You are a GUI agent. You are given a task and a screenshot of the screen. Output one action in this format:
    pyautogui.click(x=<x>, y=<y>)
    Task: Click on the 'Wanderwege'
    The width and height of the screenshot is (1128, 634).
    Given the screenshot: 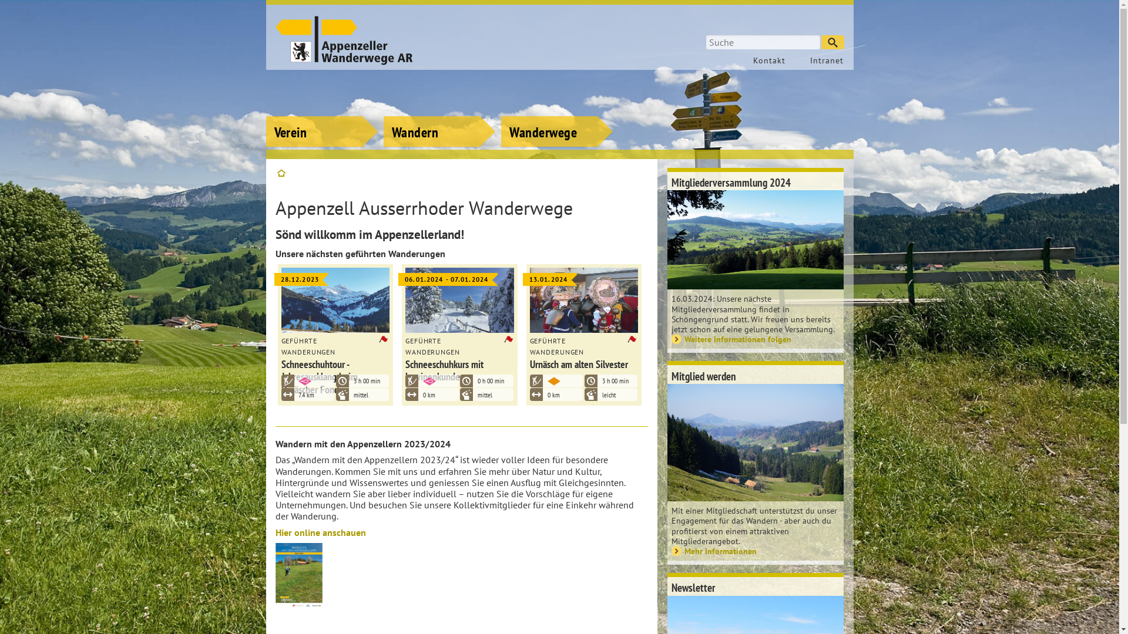 What is the action you would take?
    pyautogui.click(x=556, y=114)
    